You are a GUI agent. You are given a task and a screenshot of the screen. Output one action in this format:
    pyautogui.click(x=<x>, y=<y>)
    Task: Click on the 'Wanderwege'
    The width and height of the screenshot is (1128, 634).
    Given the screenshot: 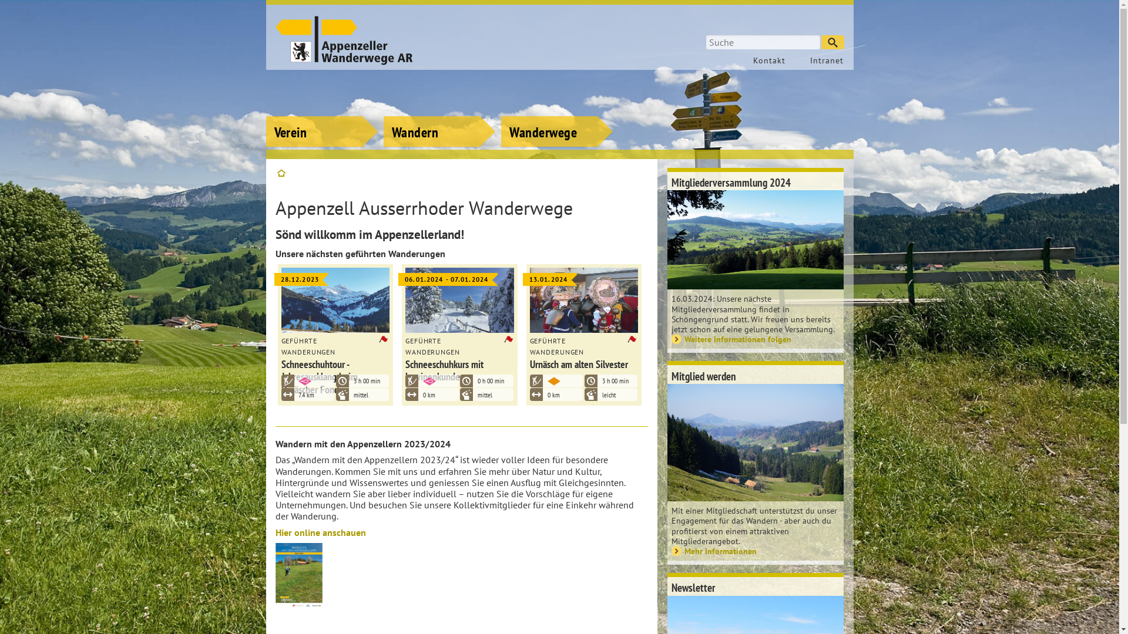 What is the action you would take?
    pyautogui.click(x=556, y=114)
    